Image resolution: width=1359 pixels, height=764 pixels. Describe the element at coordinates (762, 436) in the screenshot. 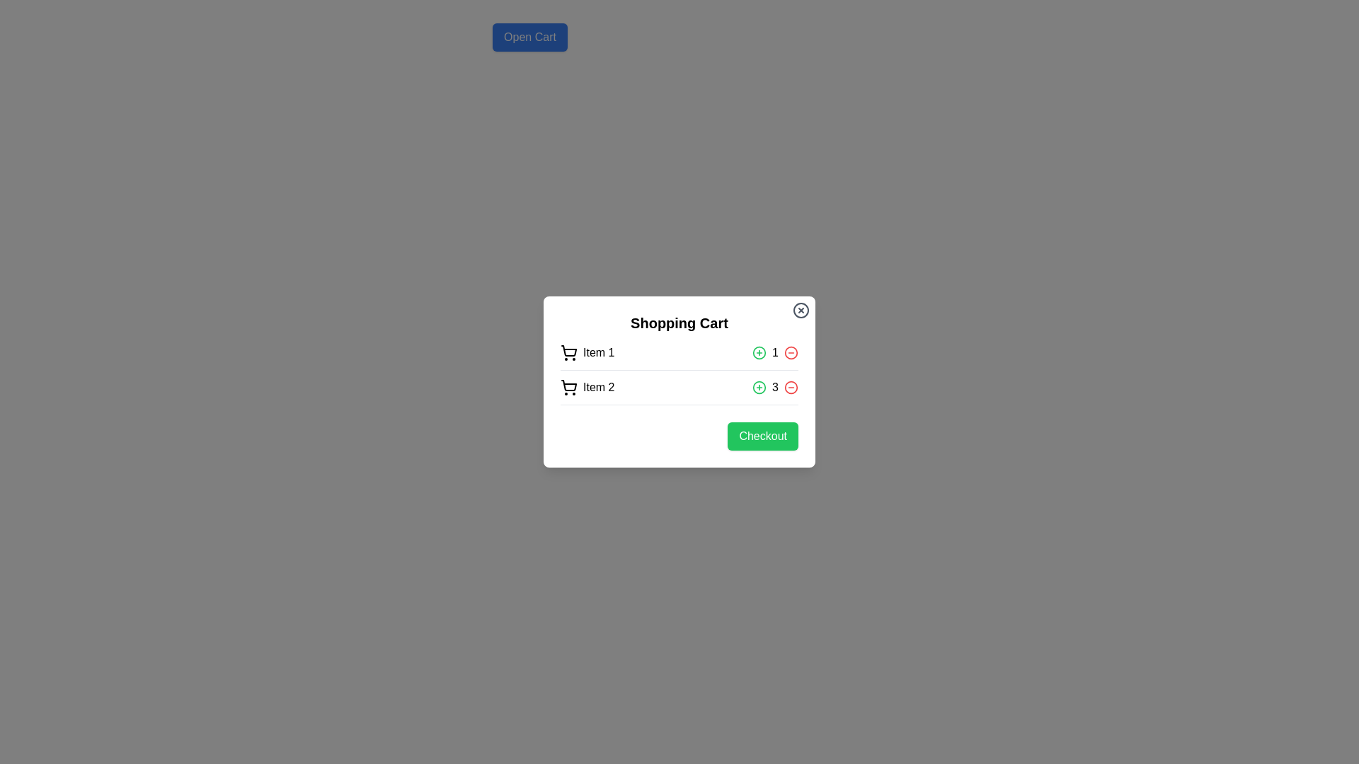

I see `the checkout button located in the bottom-right corner of the shopping cart pop-up` at that location.